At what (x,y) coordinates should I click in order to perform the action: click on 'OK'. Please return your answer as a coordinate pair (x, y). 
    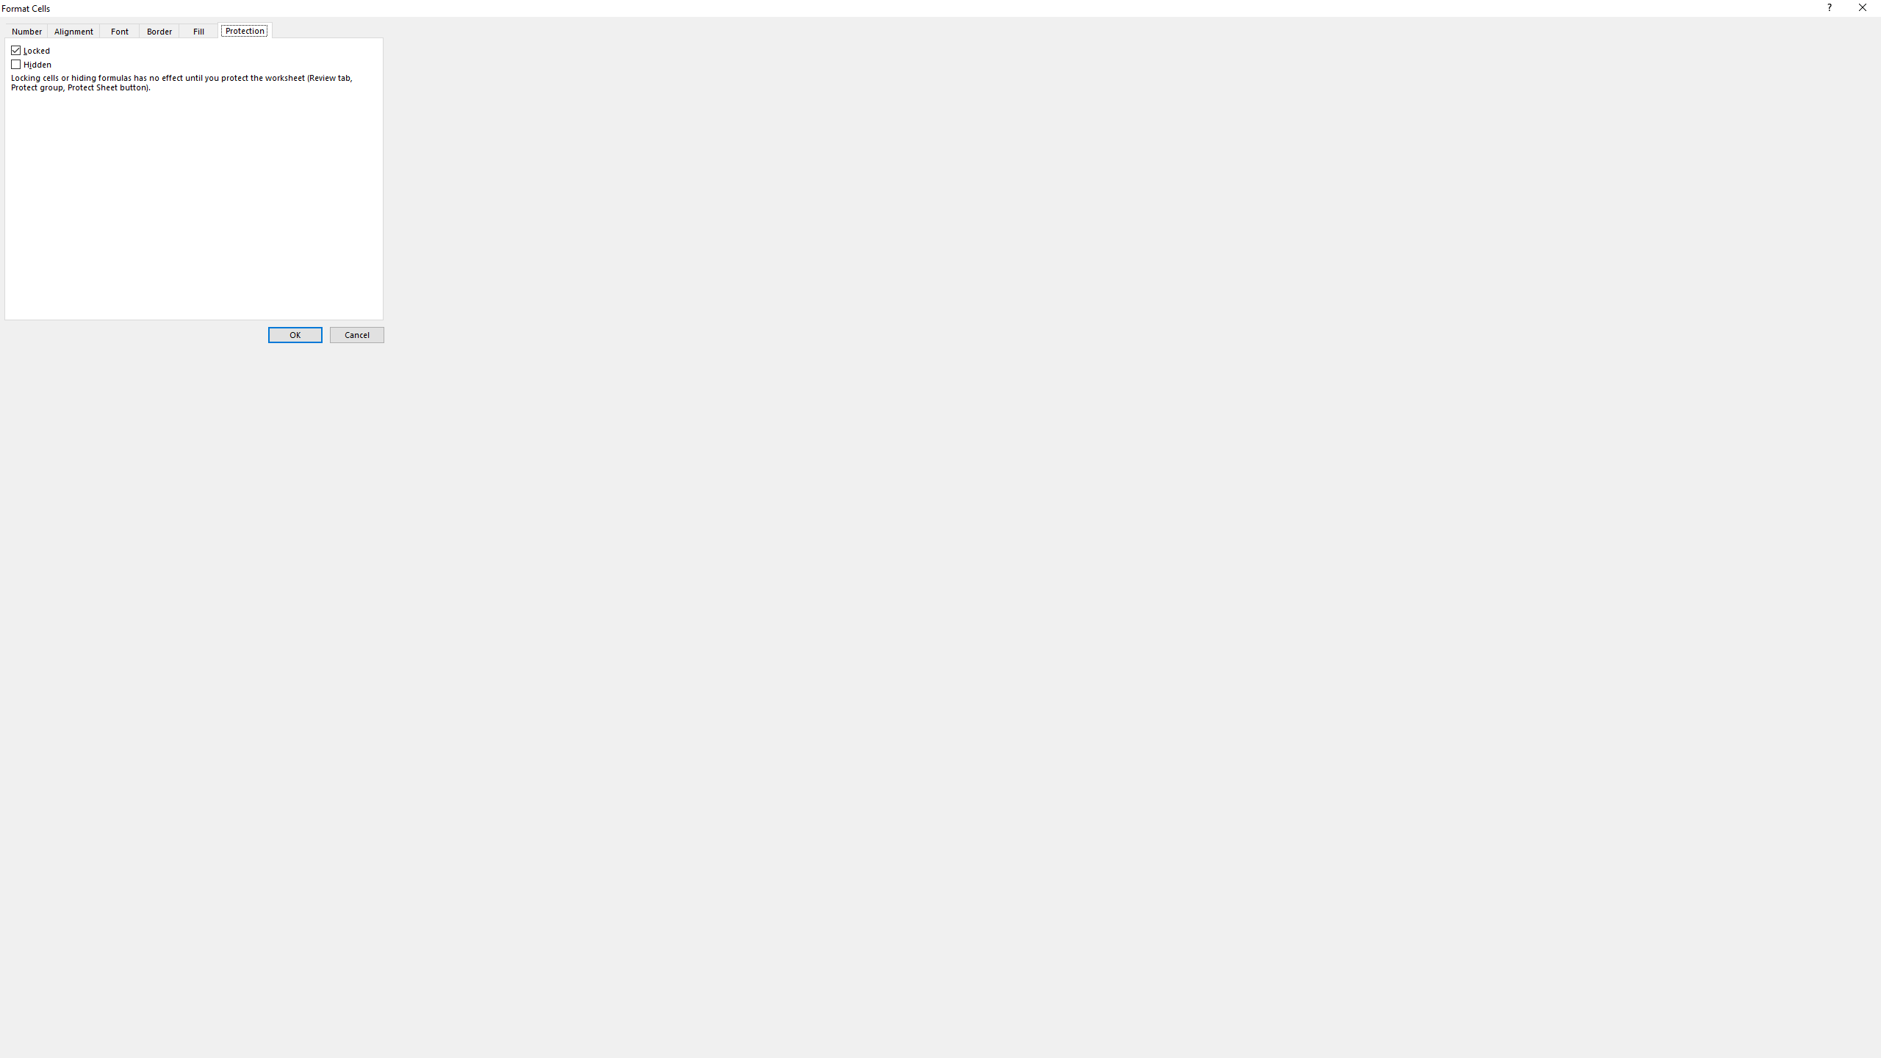
    Looking at the image, I should click on (294, 334).